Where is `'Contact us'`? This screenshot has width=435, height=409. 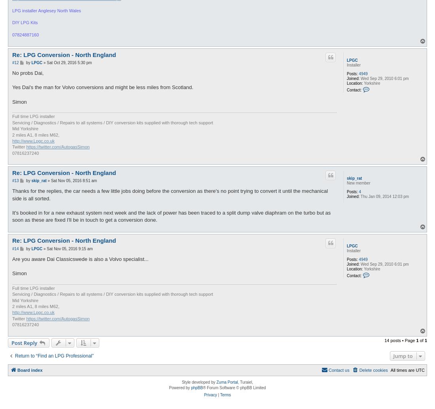
'Contact us' is located at coordinates (328, 369).